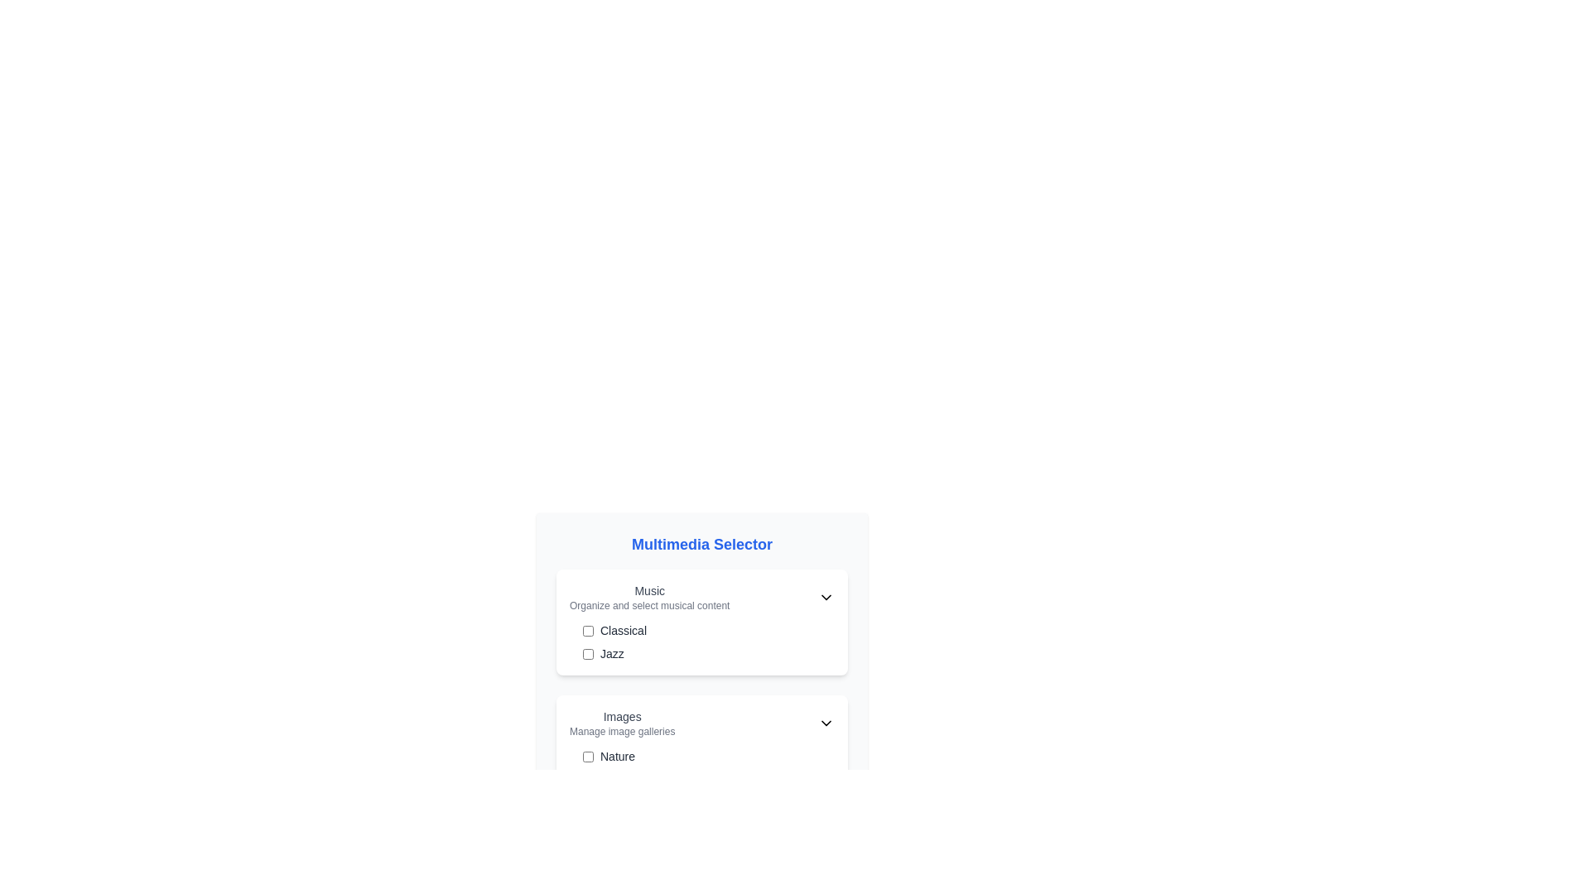 This screenshot has height=894, width=1590. I want to click on the checkbox labeled 'Nature' which is the first checkbox in the vertically stacked list inside the 'Images' panel under the 'Multimedia Selector' section, so click(702, 768).